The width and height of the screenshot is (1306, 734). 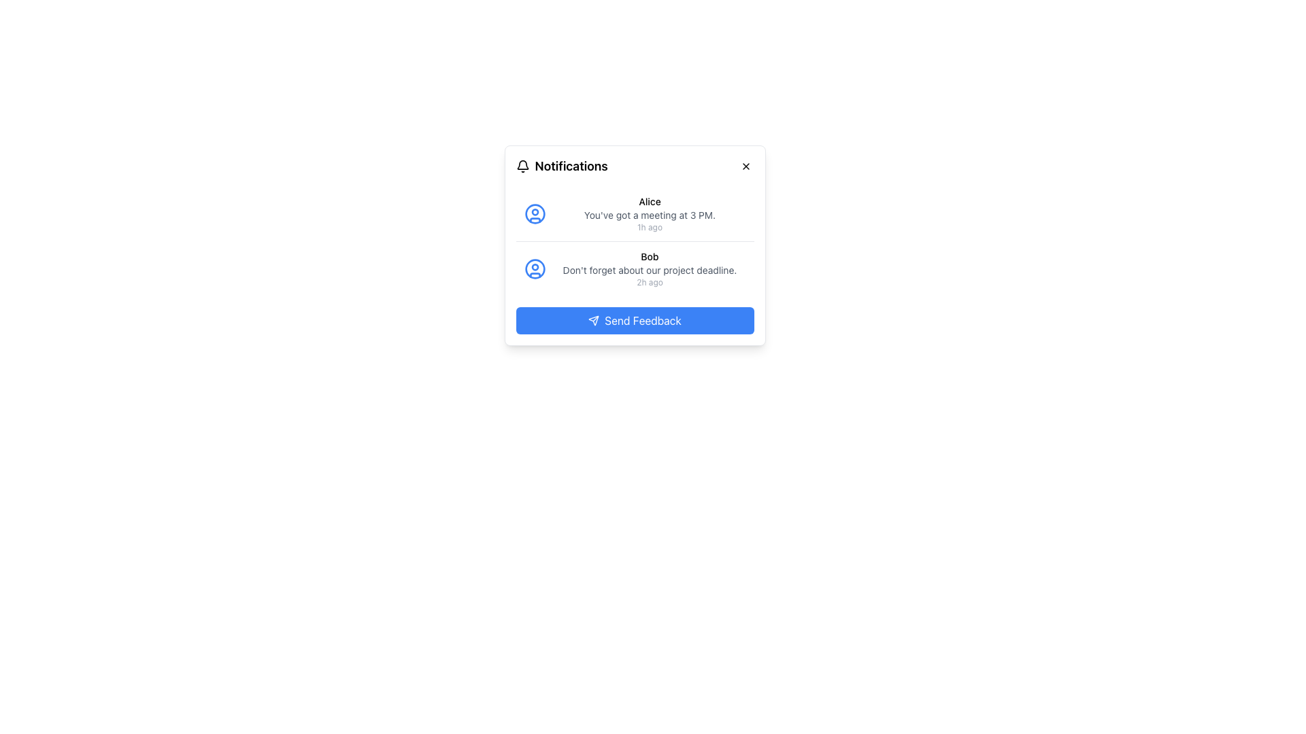 What do you see at coordinates (649, 270) in the screenshot?
I see `the static text displaying 'Don't forget about our project deadline.' which is located below the name 'Bob' in the notification card` at bounding box center [649, 270].